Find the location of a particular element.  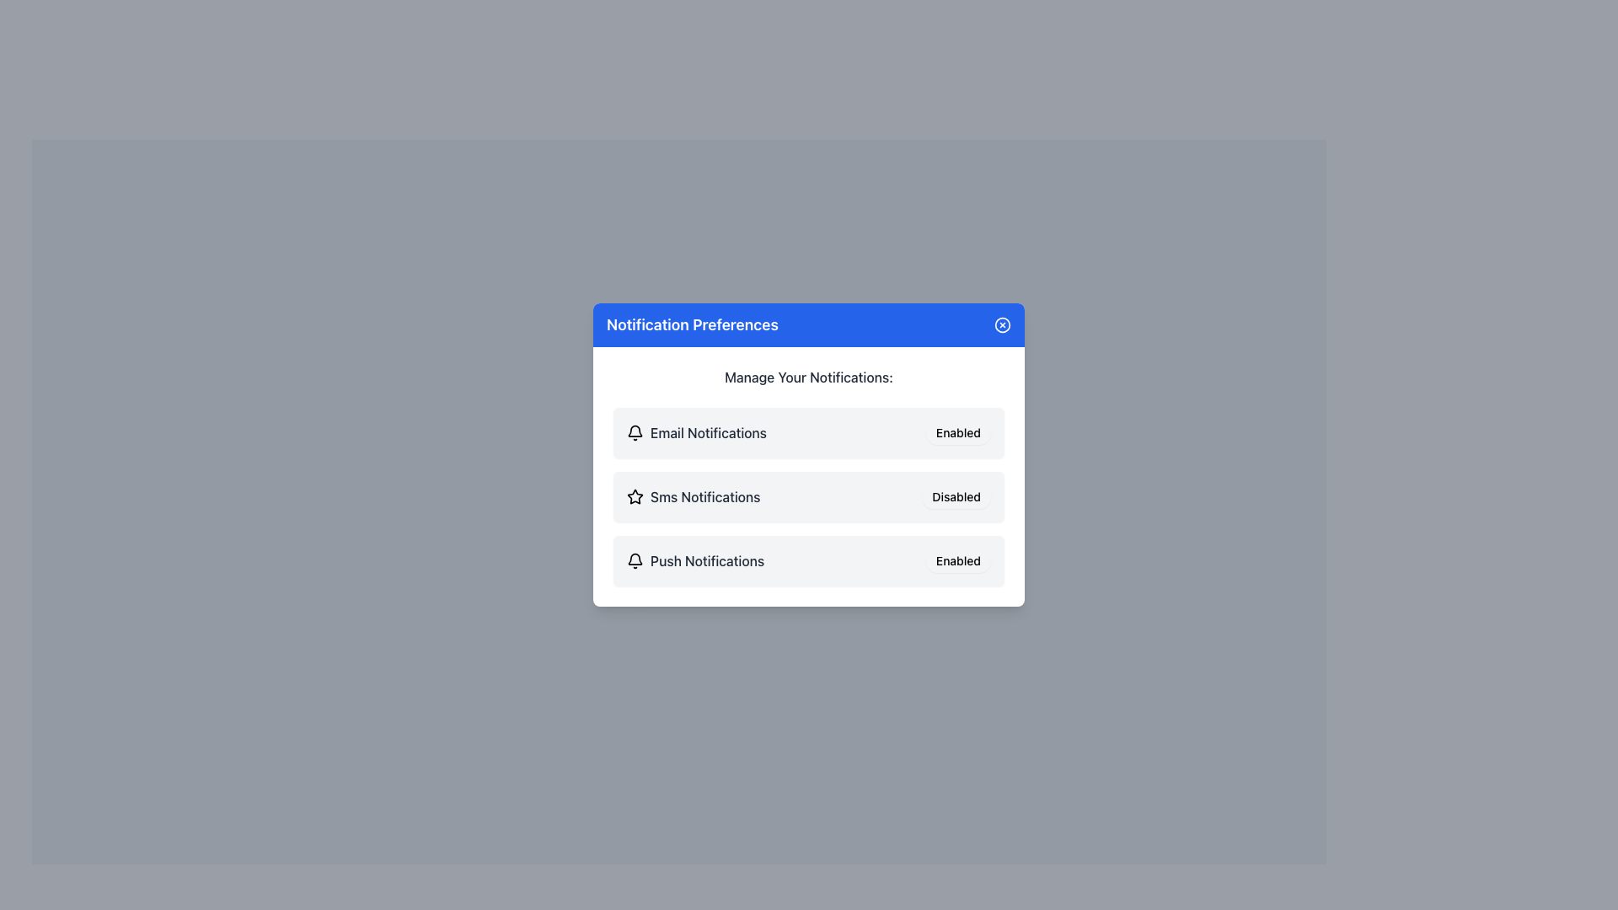

the Notification preference item for SMS notifications, which includes a toggle button is located at coordinates (809, 496).